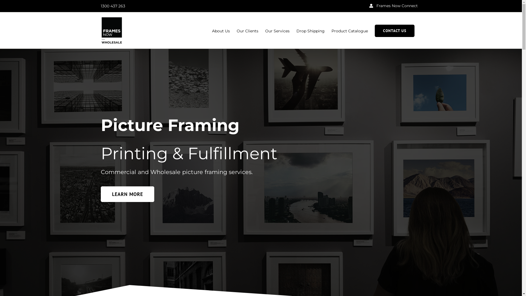  I want to click on 'Our Clients', so click(247, 30).